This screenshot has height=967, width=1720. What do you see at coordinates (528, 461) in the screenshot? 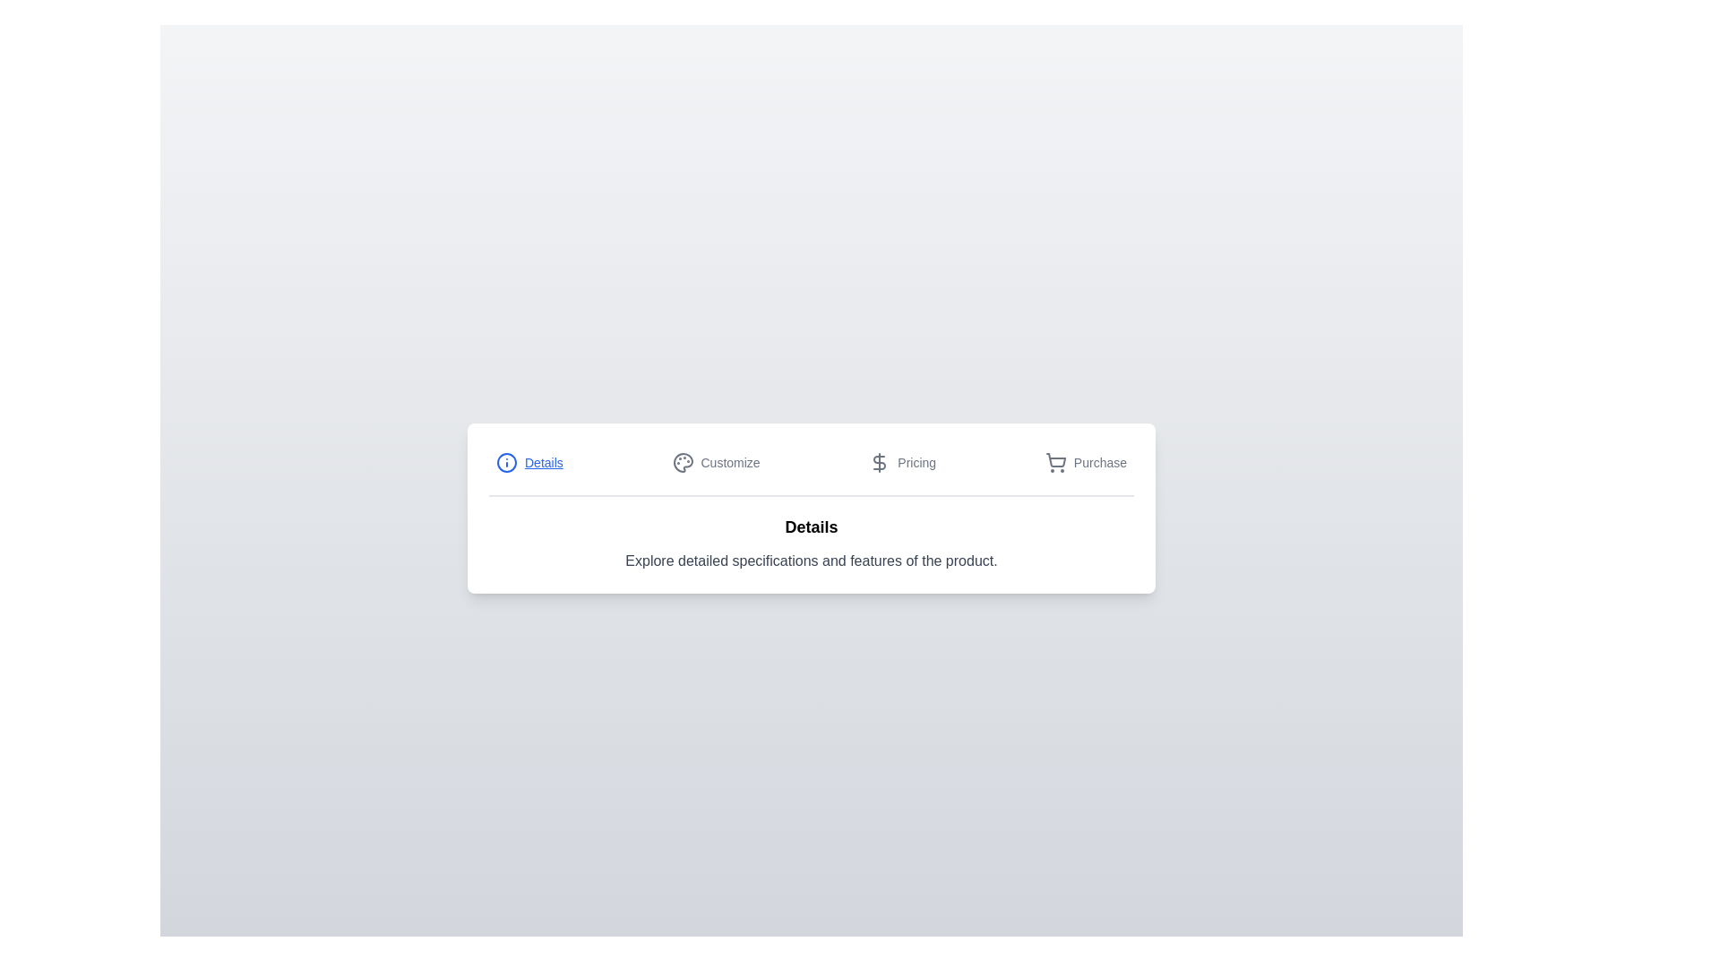
I see `the Details tab` at bounding box center [528, 461].